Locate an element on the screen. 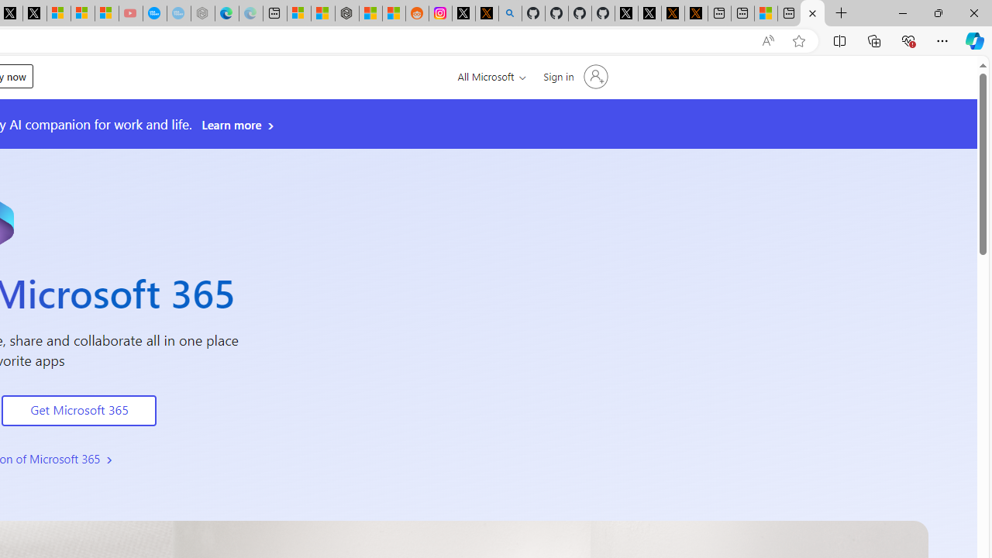 The width and height of the screenshot is (992, 558). 'Profile / X' is located at coordinates (626, 13).